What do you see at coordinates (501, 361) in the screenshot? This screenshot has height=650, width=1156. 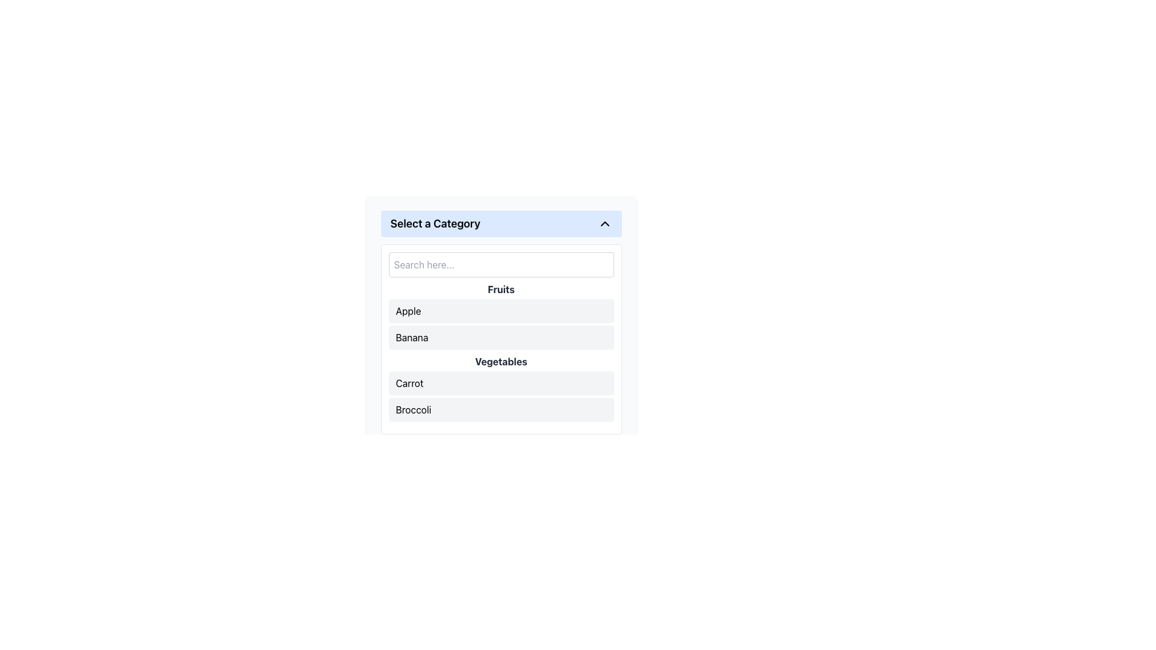 I see `the bold text label that indicates the category type in the vertical list under the 'Select a Category' header` at bounding box center [501, 361].